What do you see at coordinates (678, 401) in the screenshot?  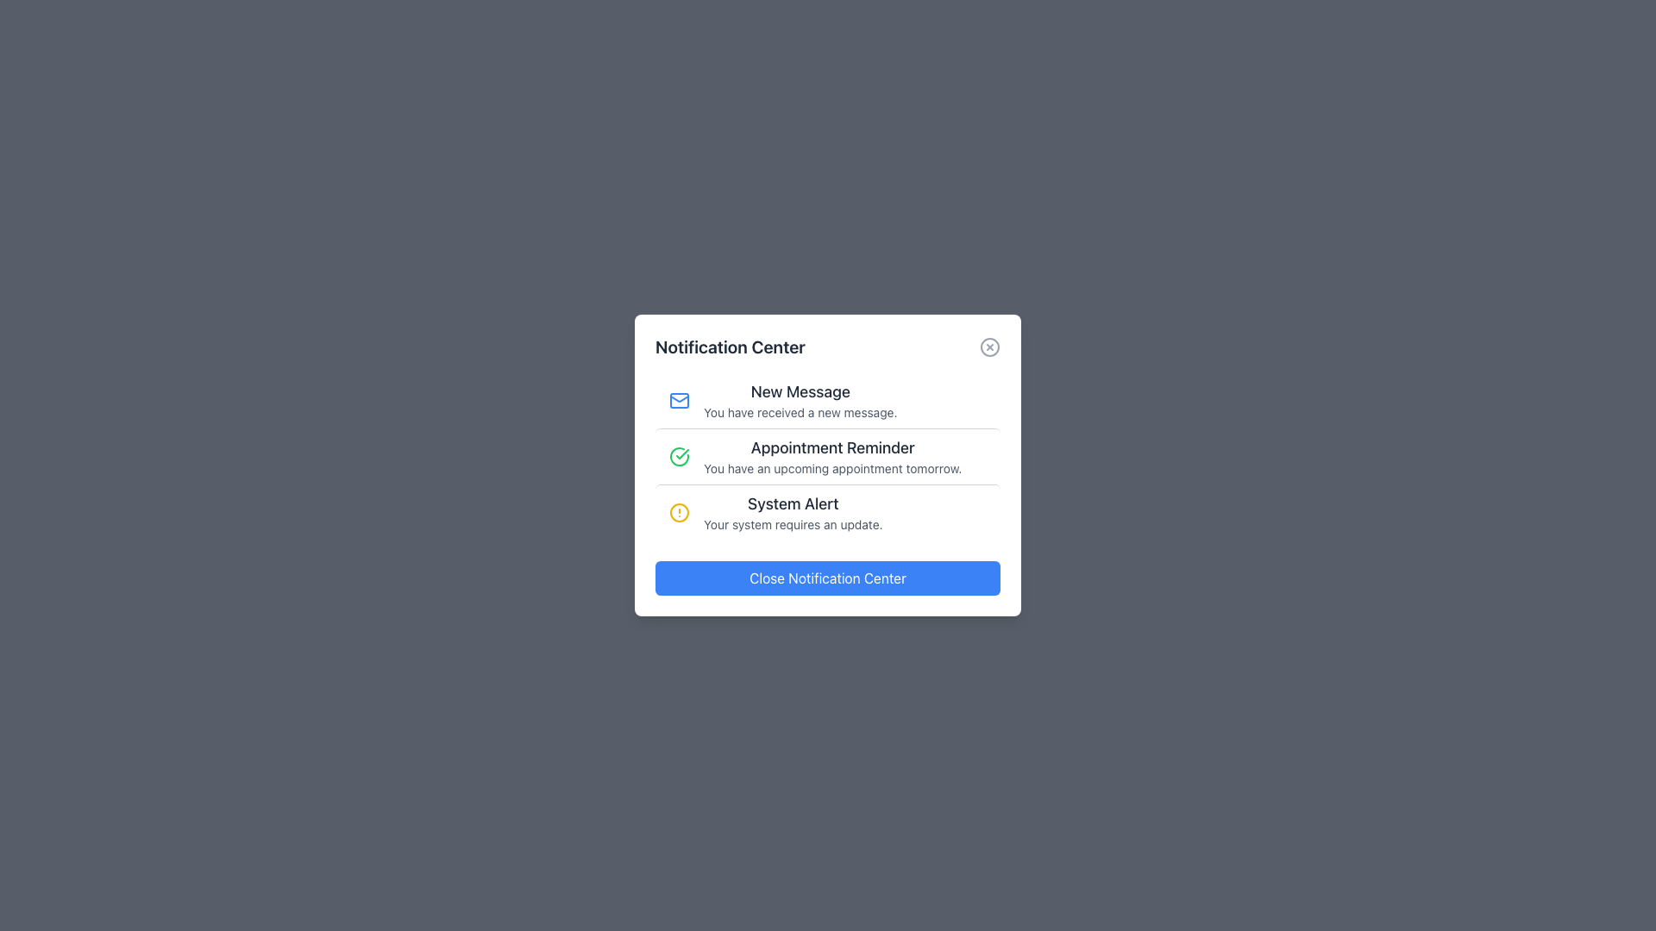 I see `the blue outlined rectangular shape of the envelope icon, which is the primary component to the left of the 'New Message' text in the notification window` at bounding box center [678, 401].